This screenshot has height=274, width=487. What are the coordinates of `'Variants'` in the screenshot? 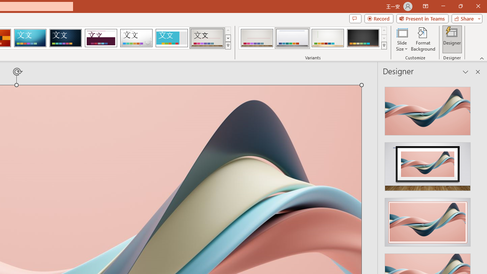 It's located at (384, 46).